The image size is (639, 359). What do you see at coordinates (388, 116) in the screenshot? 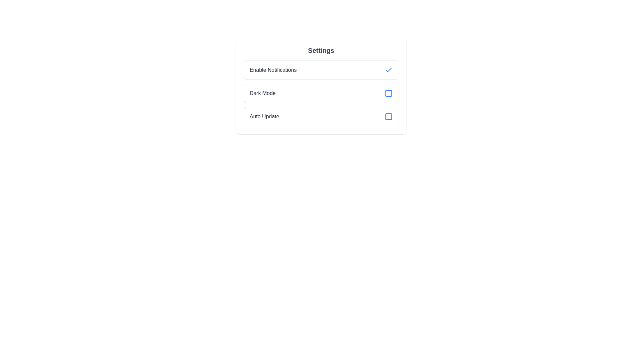
I see `the small blue square button outlined in blue located to the right of the 'Auto Update' setting label` at bounding box center [388, 116].